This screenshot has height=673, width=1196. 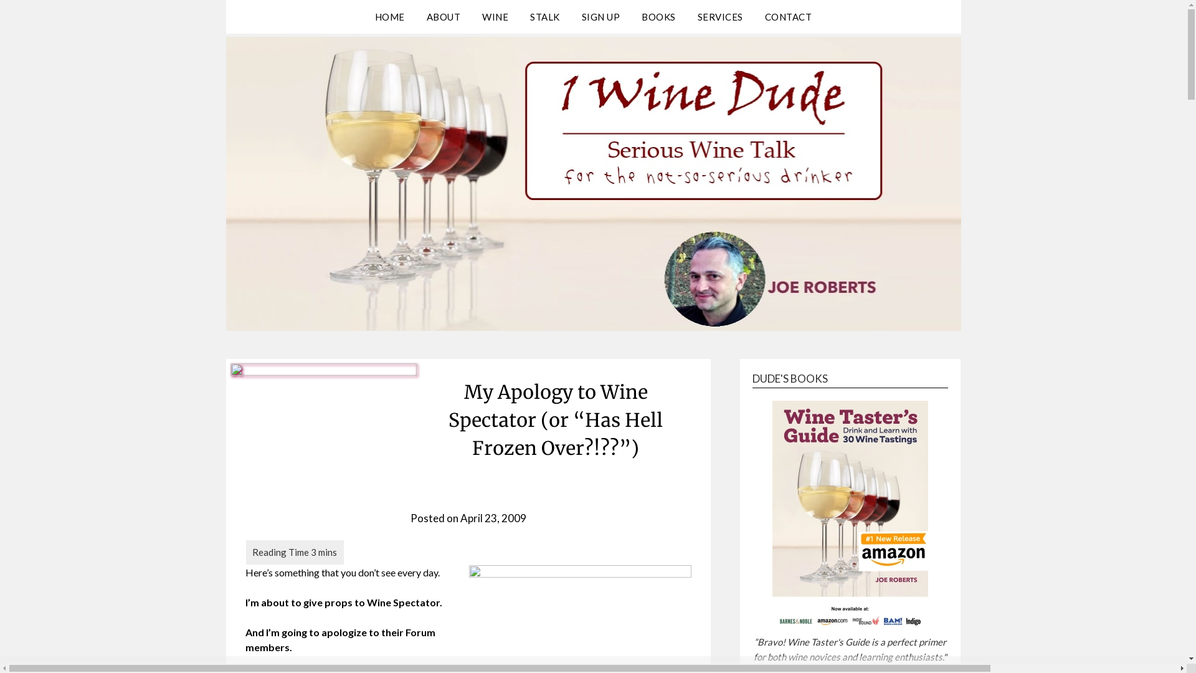 I want to click on 'CONTACT', so click(x=788, y=17).